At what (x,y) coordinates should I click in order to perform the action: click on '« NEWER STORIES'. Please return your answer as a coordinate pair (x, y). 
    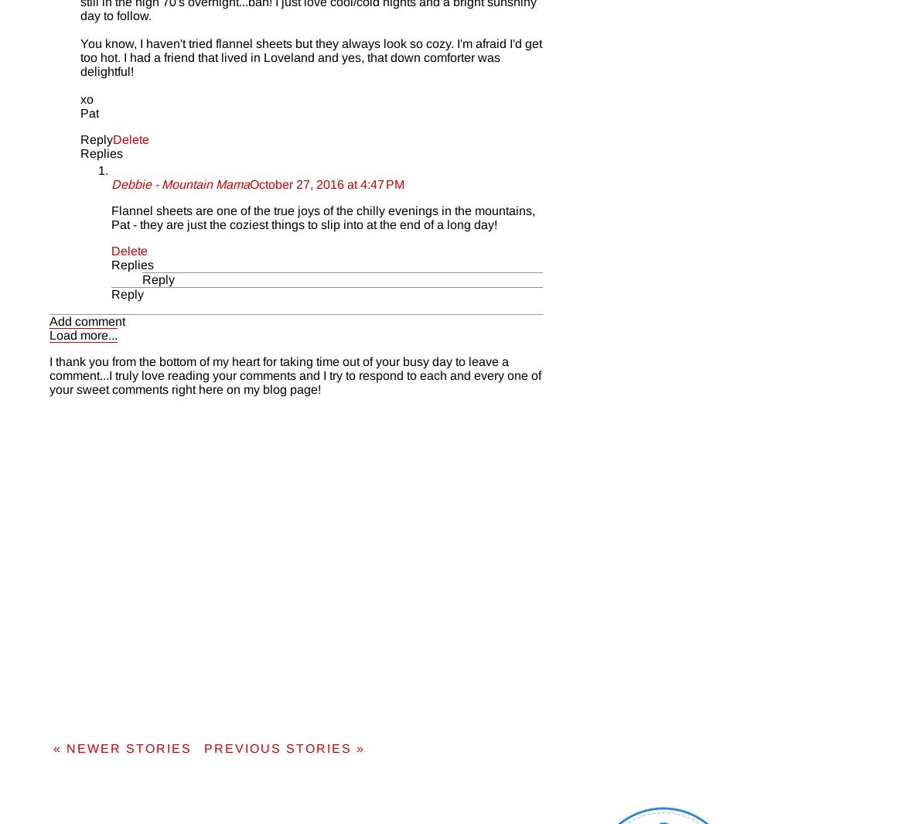
    Looking at the image, I should click on (124, 747).